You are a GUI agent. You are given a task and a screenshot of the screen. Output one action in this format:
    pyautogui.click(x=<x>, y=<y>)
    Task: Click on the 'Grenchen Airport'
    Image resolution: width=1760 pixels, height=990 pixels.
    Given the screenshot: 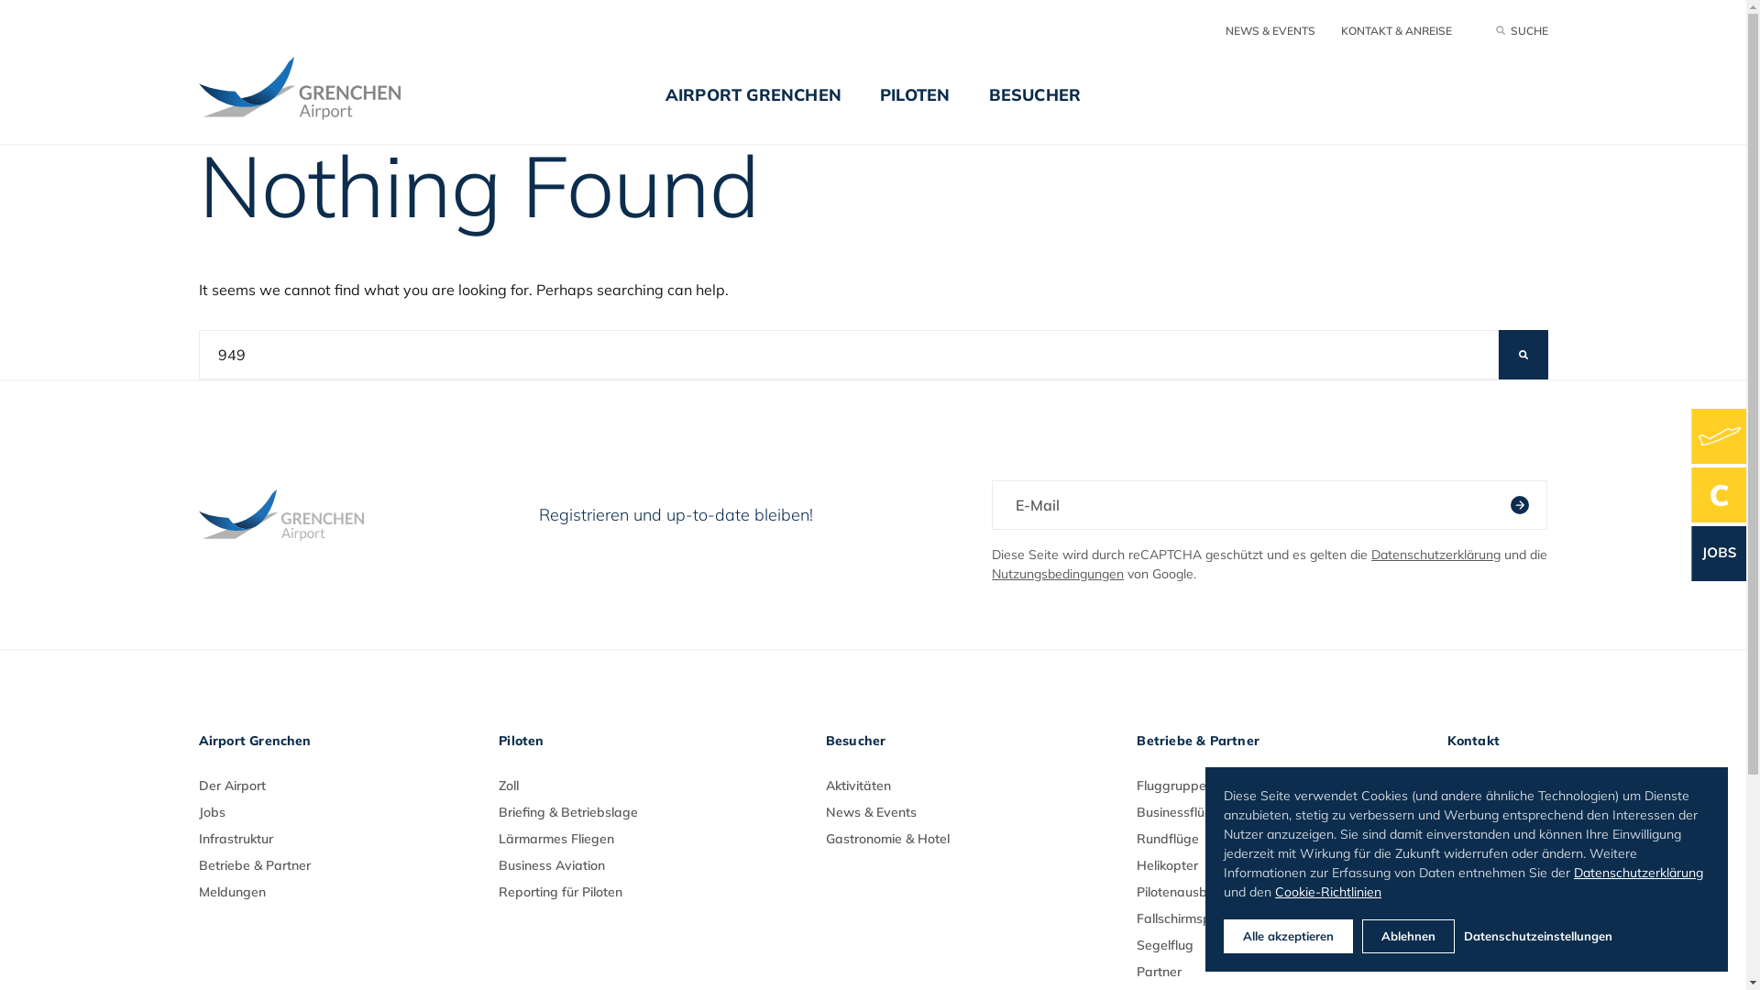 What is the action you would take?
    pyautogui.click(x=198, y=88)
    